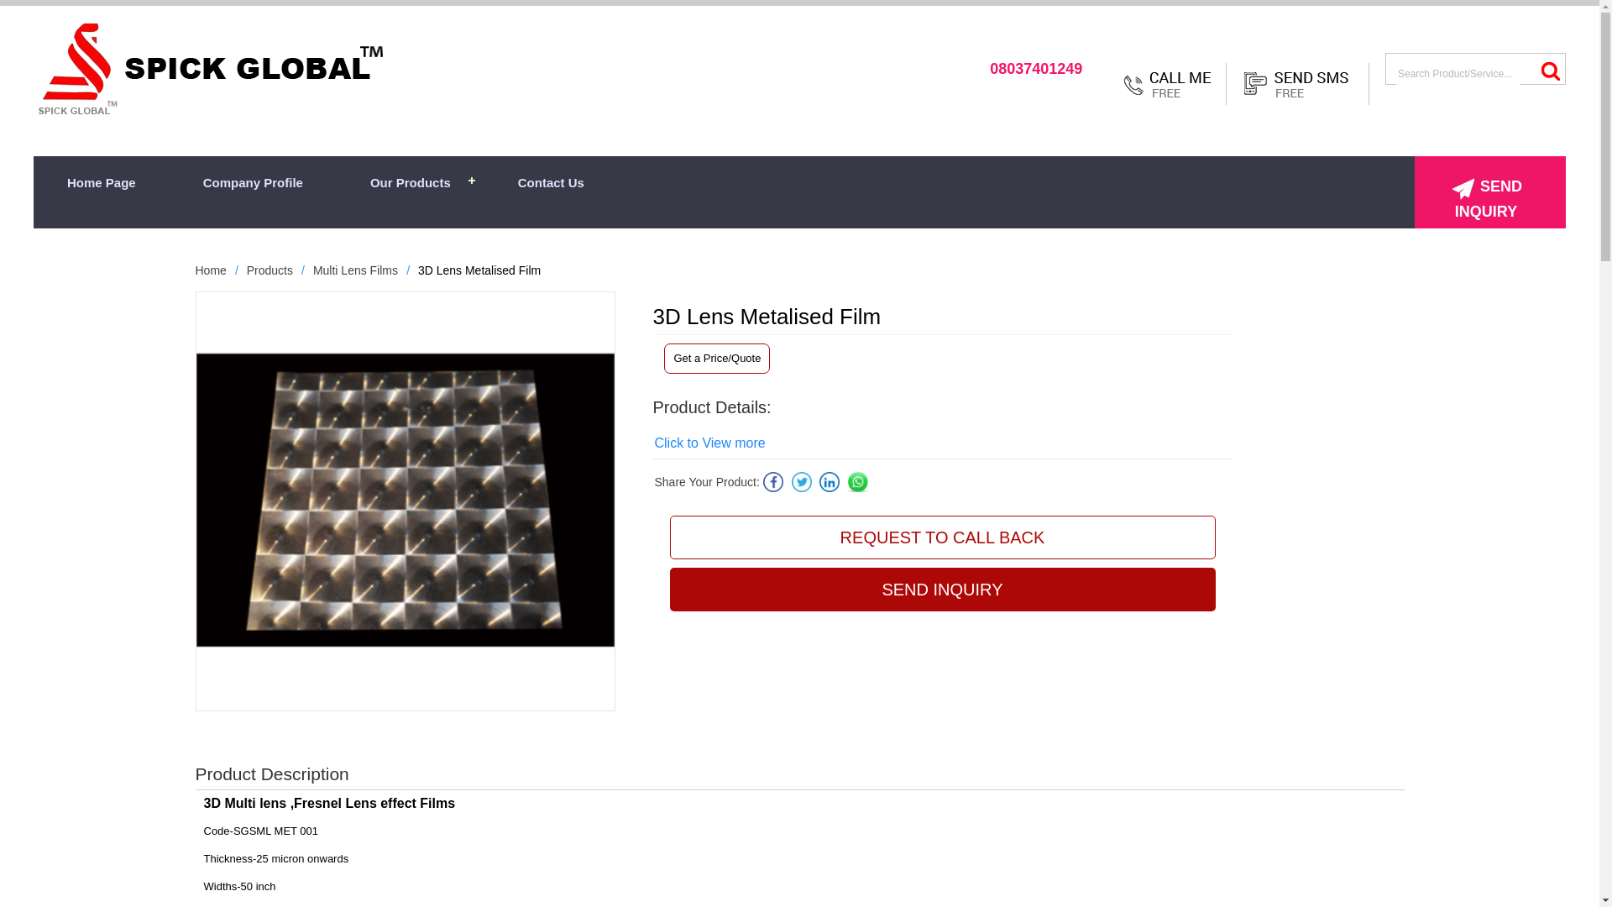 This screenshot has height=907, width=1612. What do you see at coordinates (270, 269) in the screenshot?
I see `'Products'` at bounding box center [270, 269].